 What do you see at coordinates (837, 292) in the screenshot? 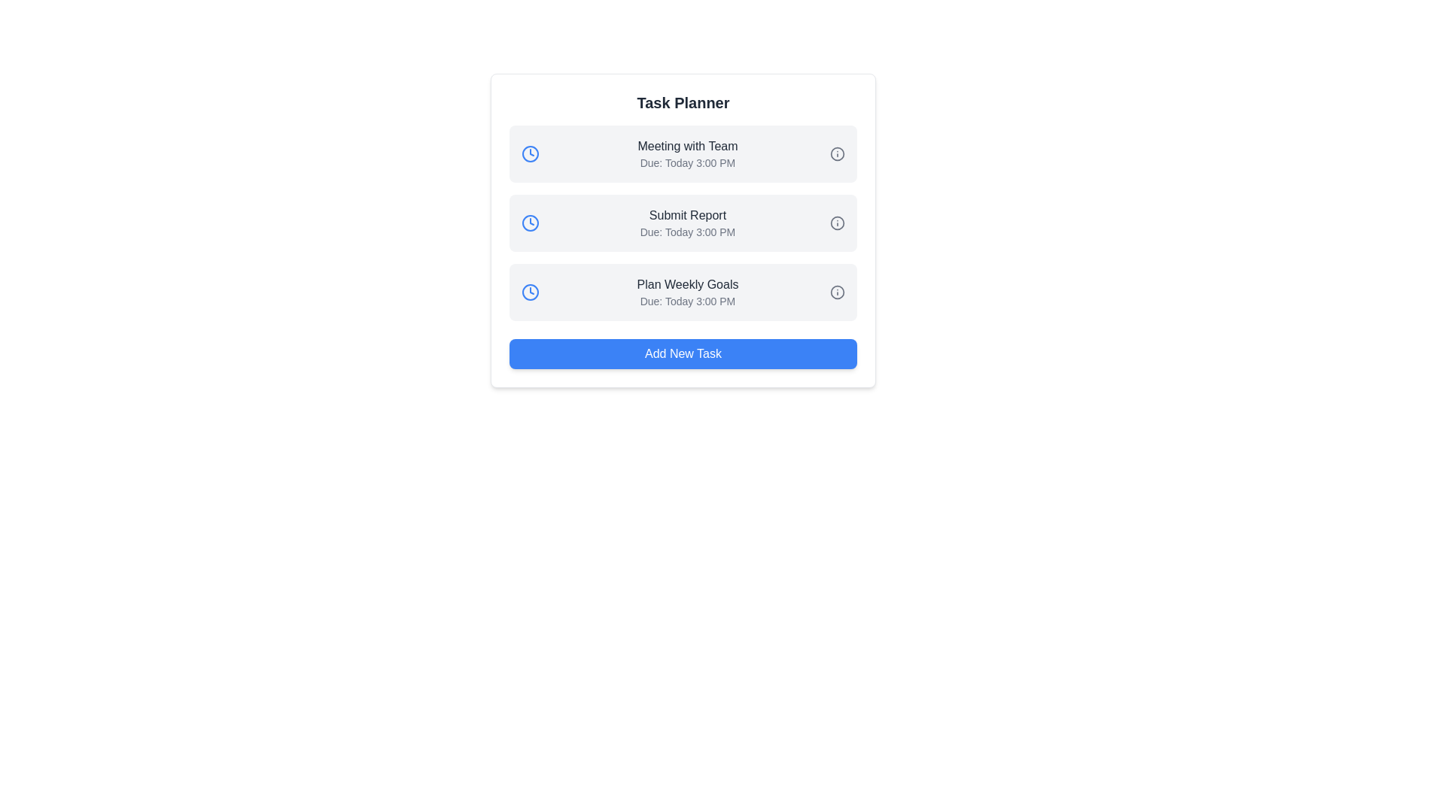
I see `the circular graphical element located on the right side of the 'Plan Weekly Goals' task item within the third task entry of the task list` at bounding box center [837, 292].